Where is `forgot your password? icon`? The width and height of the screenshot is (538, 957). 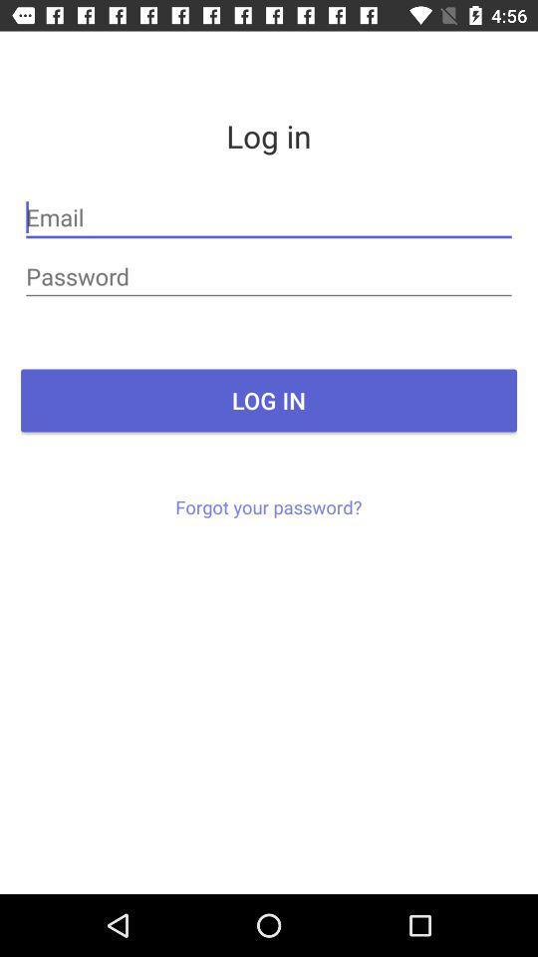 forgot your password? icon is located at coordinates (268, 505).